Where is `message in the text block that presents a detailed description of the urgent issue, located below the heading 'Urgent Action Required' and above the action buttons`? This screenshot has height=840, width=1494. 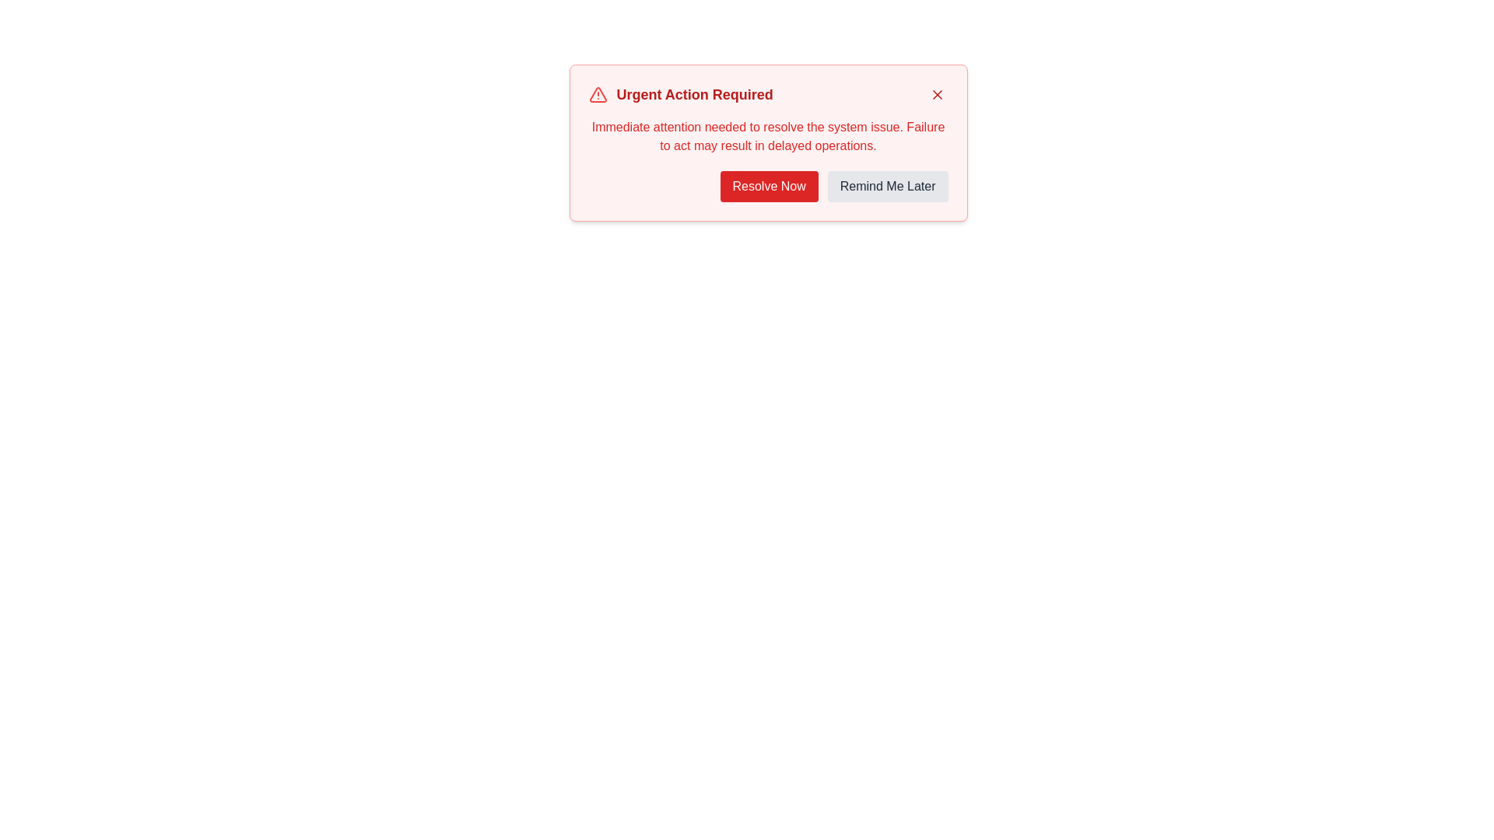 message in the text block that presents a detailed description of the urgent issue, located below the heading 'Urgent Action Required' and above the action buttons is located at coordinates (768, 136).